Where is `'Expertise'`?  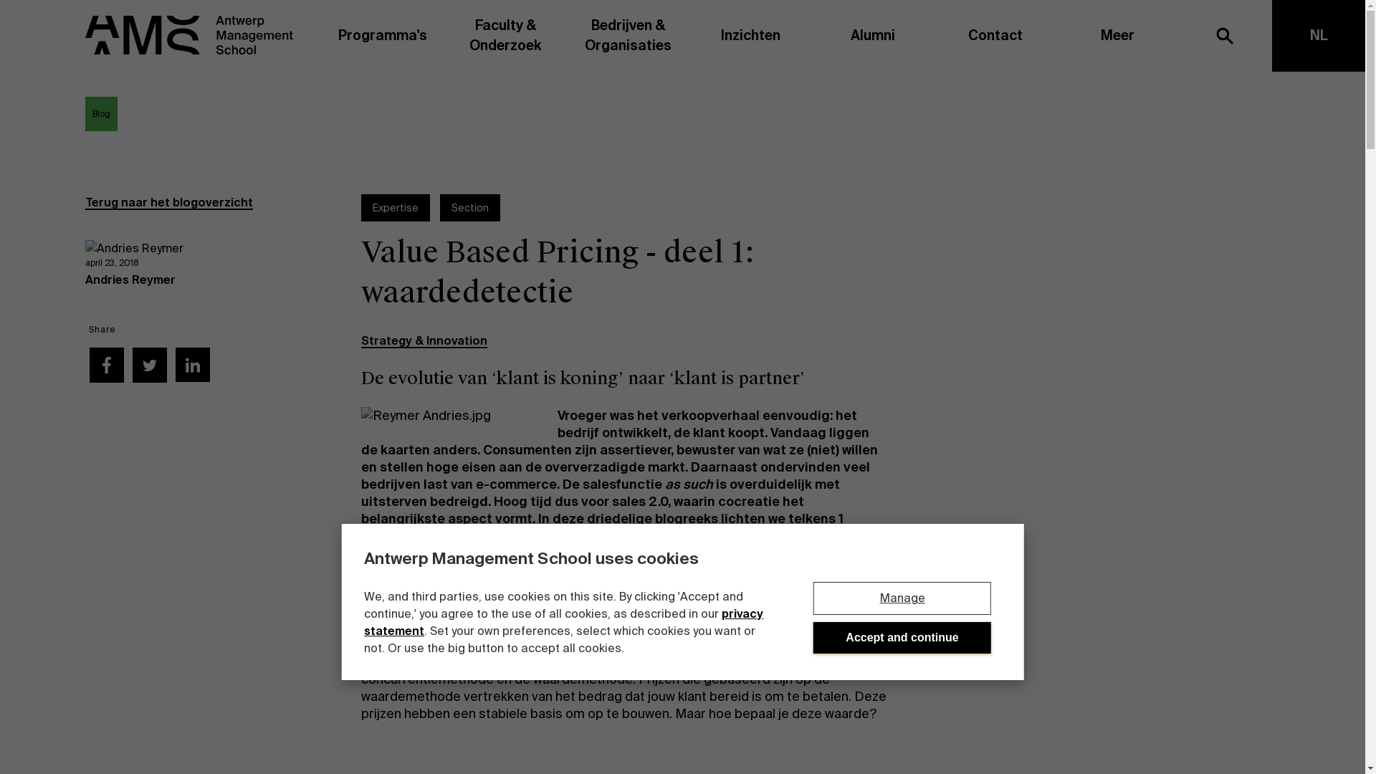
'Expertise' is located at coordinates (396, 207).